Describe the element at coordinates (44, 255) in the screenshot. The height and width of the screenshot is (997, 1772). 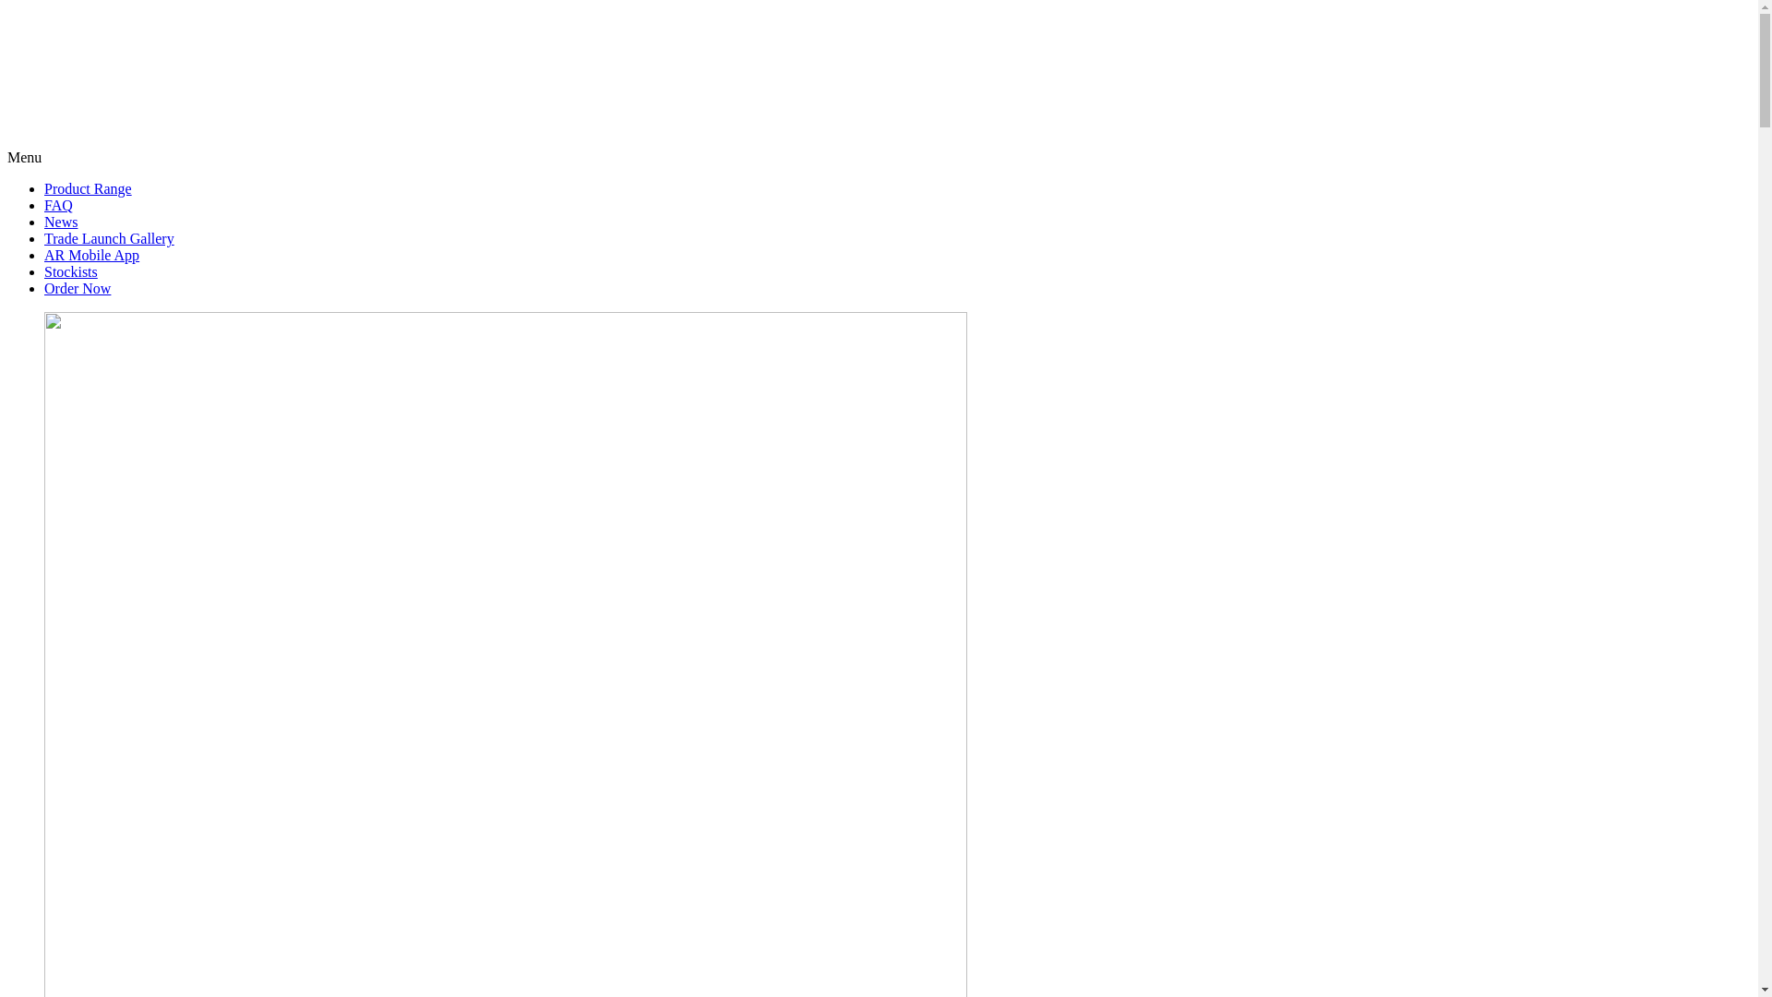
I see `'AR Mobile App'` at that location.